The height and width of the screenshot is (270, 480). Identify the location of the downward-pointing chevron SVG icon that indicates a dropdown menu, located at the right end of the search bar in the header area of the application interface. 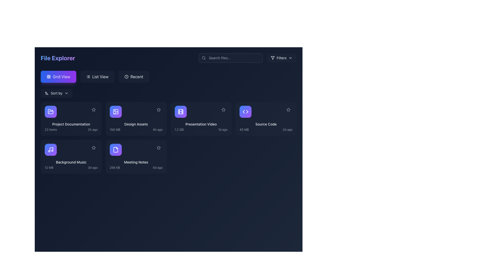
(290, 57).